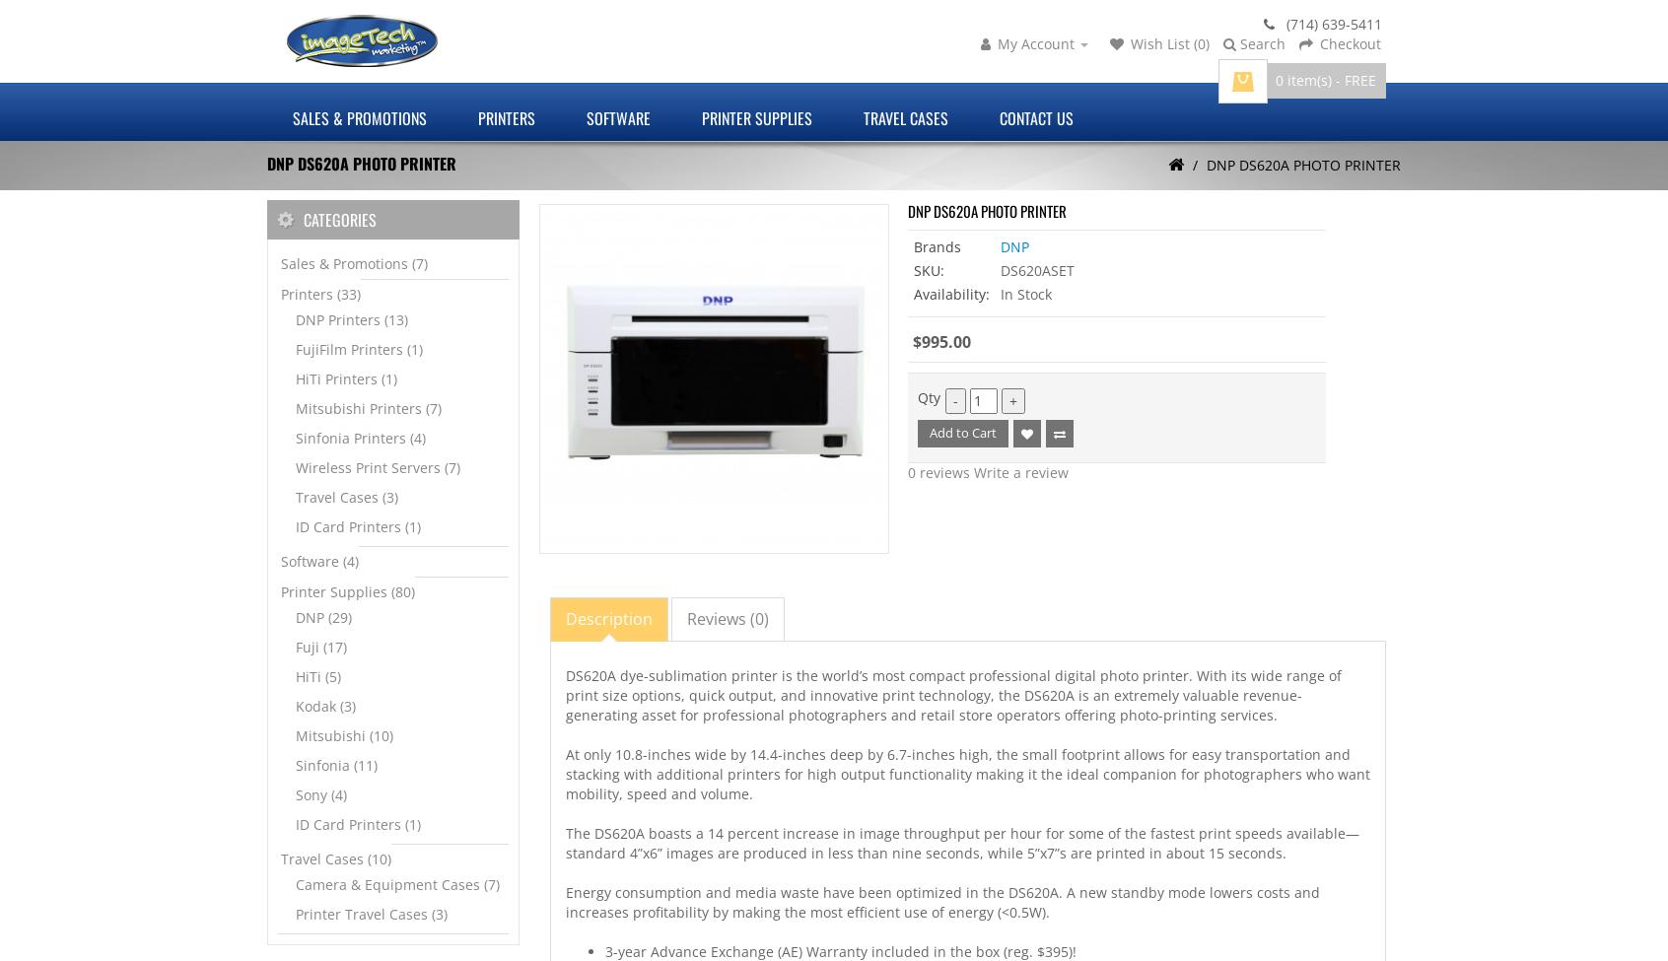 This screenshot has height=961, width=1668. I want to click on 'Sales & Promotions (7)', so click(354, 263).